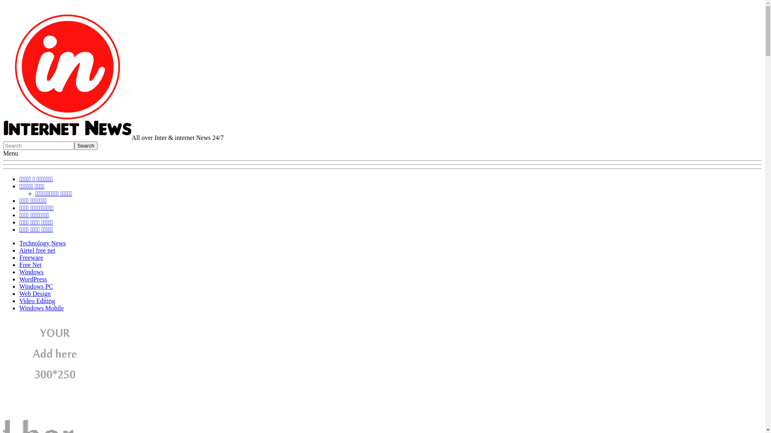 The image size is (771, 433). Describe the element at coordinates (31, 271) in the screenshot. I see `'Windows'` at that location.